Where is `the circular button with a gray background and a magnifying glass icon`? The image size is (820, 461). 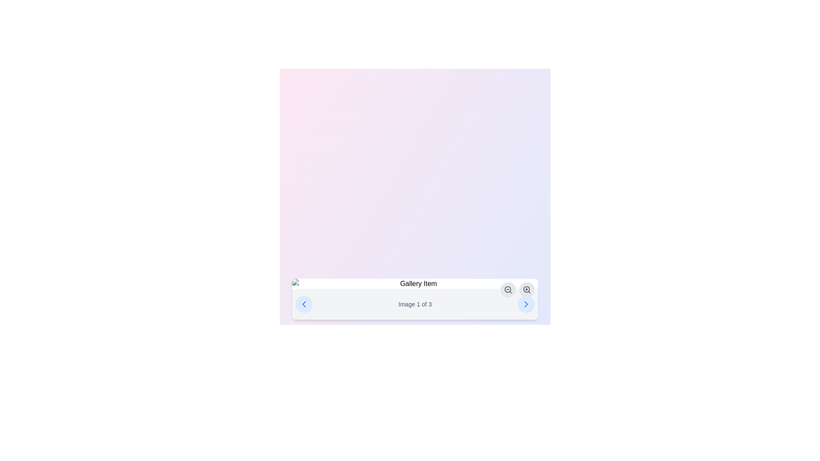
the circular button with a gray background and a magnifying glass icon is located at coordinates (526, 289).